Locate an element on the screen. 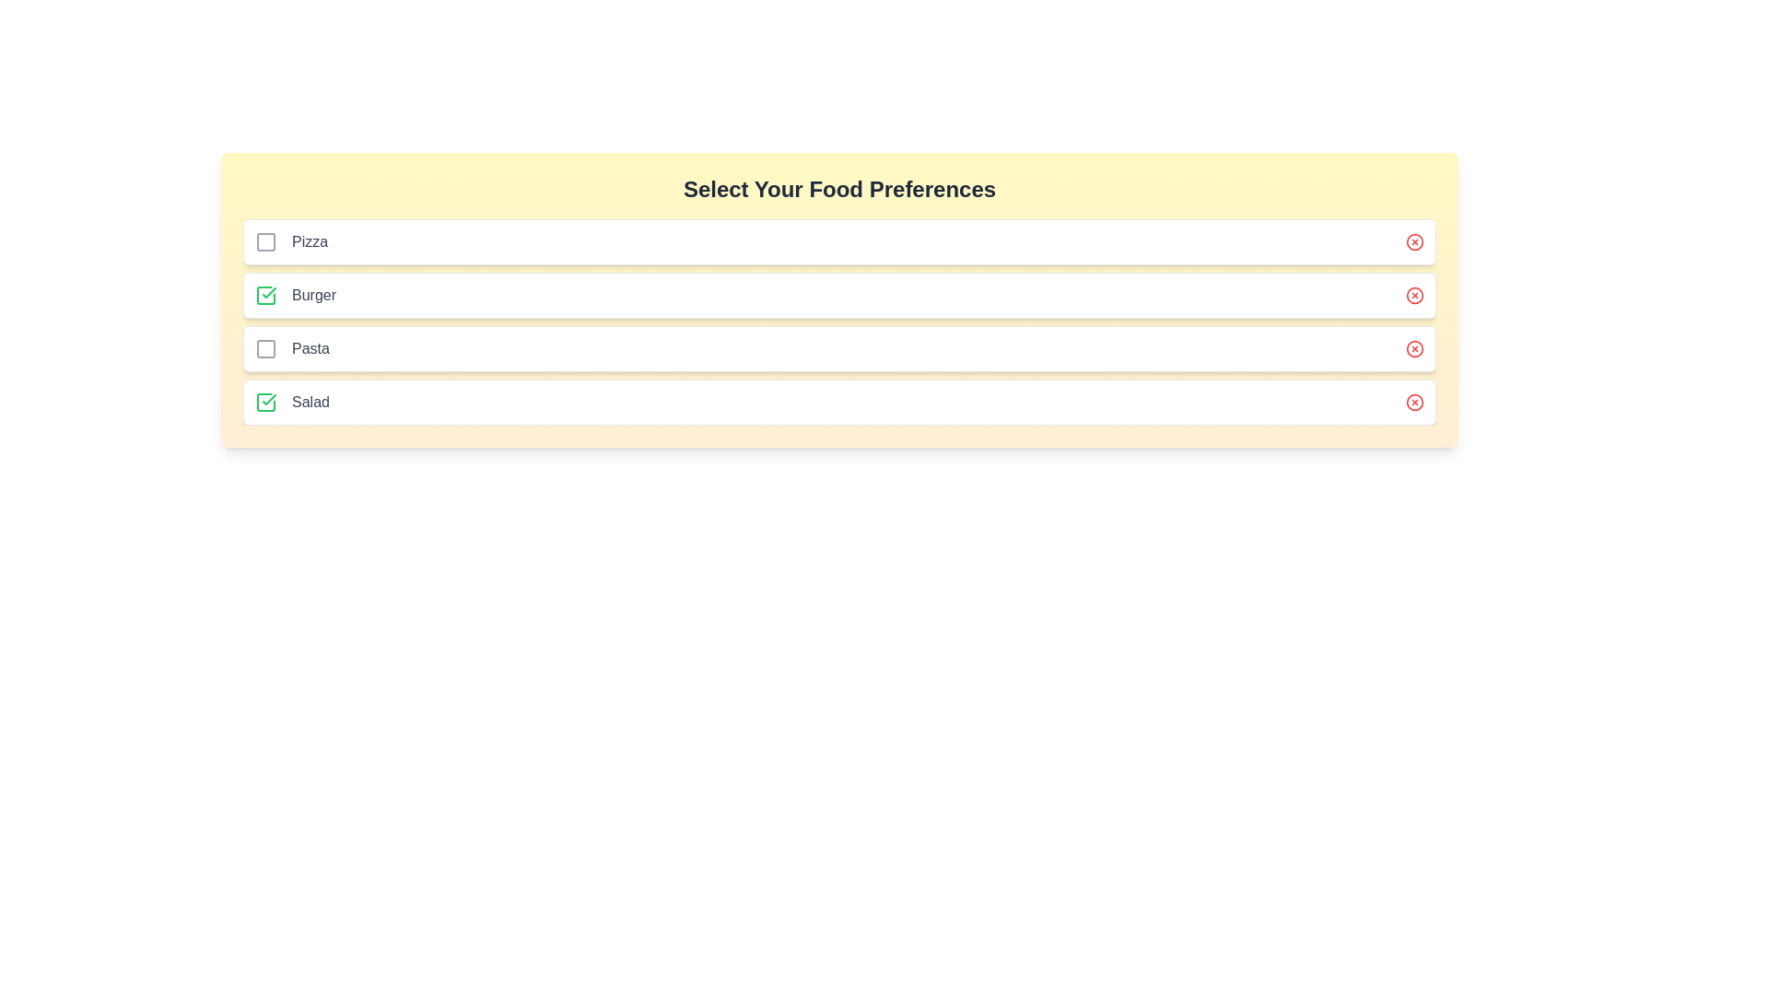  the checkbox for the 'Pasta' food preference located at the third position in the vertical list of food options is located at coordinates (264, 348).